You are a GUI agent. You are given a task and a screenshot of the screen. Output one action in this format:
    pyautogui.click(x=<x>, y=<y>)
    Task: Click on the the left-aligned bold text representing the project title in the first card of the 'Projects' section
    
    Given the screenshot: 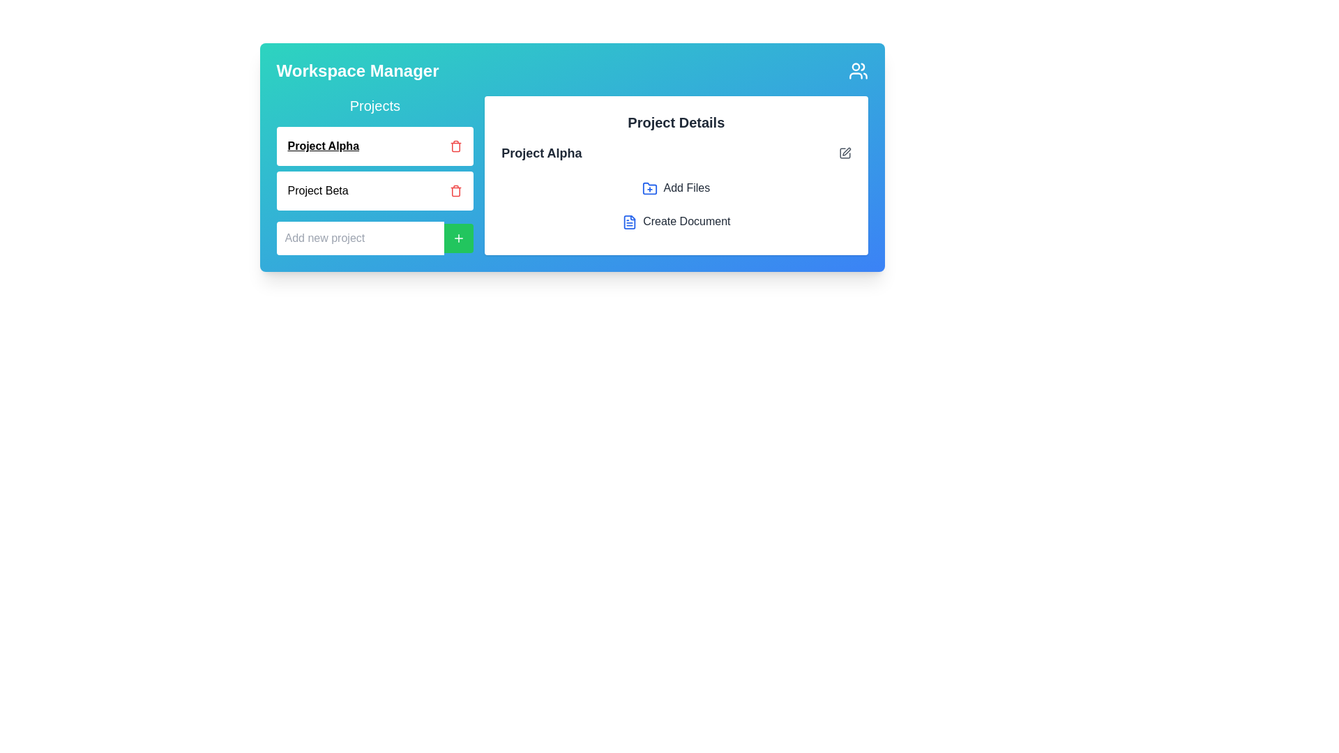 What is the action you would take?
    pyautogui.click(x=322, y=146)
    